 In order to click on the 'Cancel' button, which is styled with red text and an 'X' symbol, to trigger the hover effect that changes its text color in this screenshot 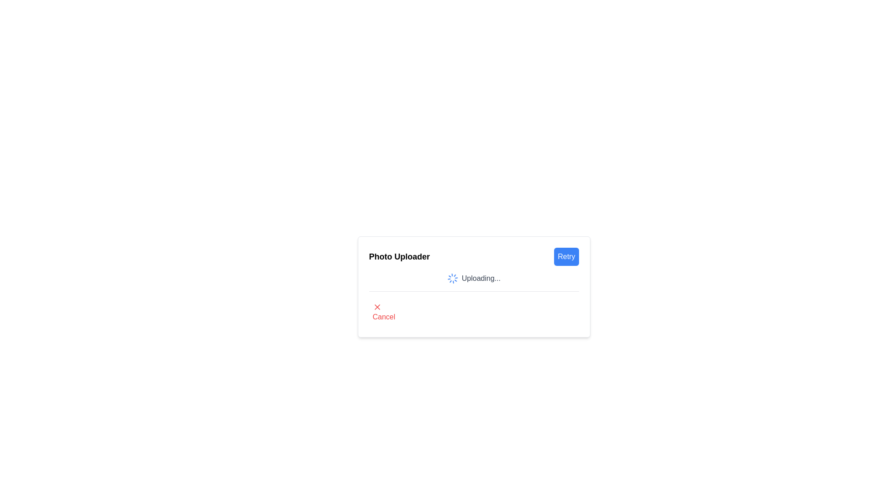, I will do `click(384, 312)`.